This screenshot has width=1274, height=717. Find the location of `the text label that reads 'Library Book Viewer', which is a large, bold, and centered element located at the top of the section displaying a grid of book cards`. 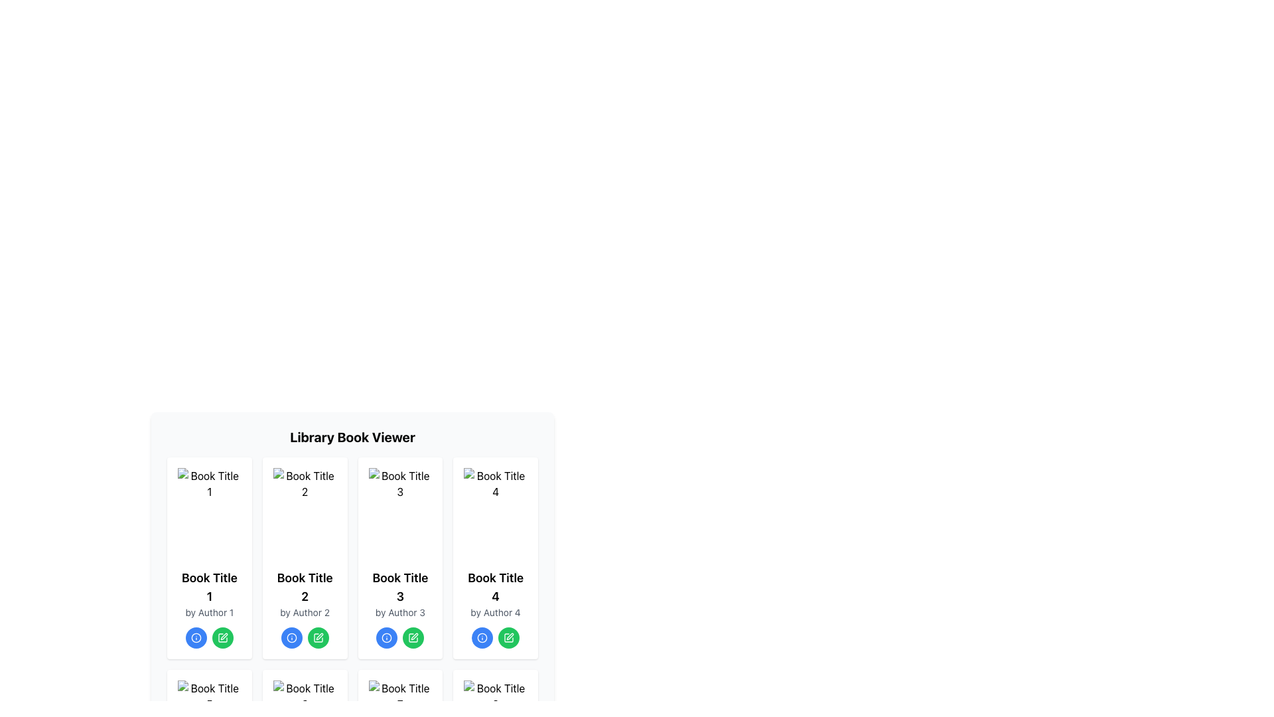

the text label that reads 'Library Book Viewer', which is a large, bold, and centered element located at the top of the section displaying a grid of book cards is located at coordinates (352, 438).